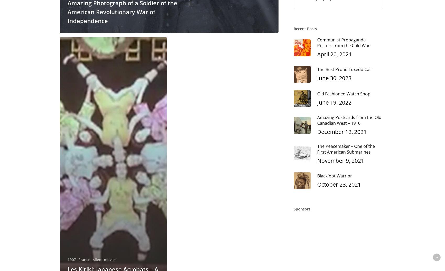 Image resolution: width=445 pixels, height=271 pixels. What do you see at coordinates (334, 77) in the screenshot?
I see `'June 30, 2023'` at bounding box center [334, 77].